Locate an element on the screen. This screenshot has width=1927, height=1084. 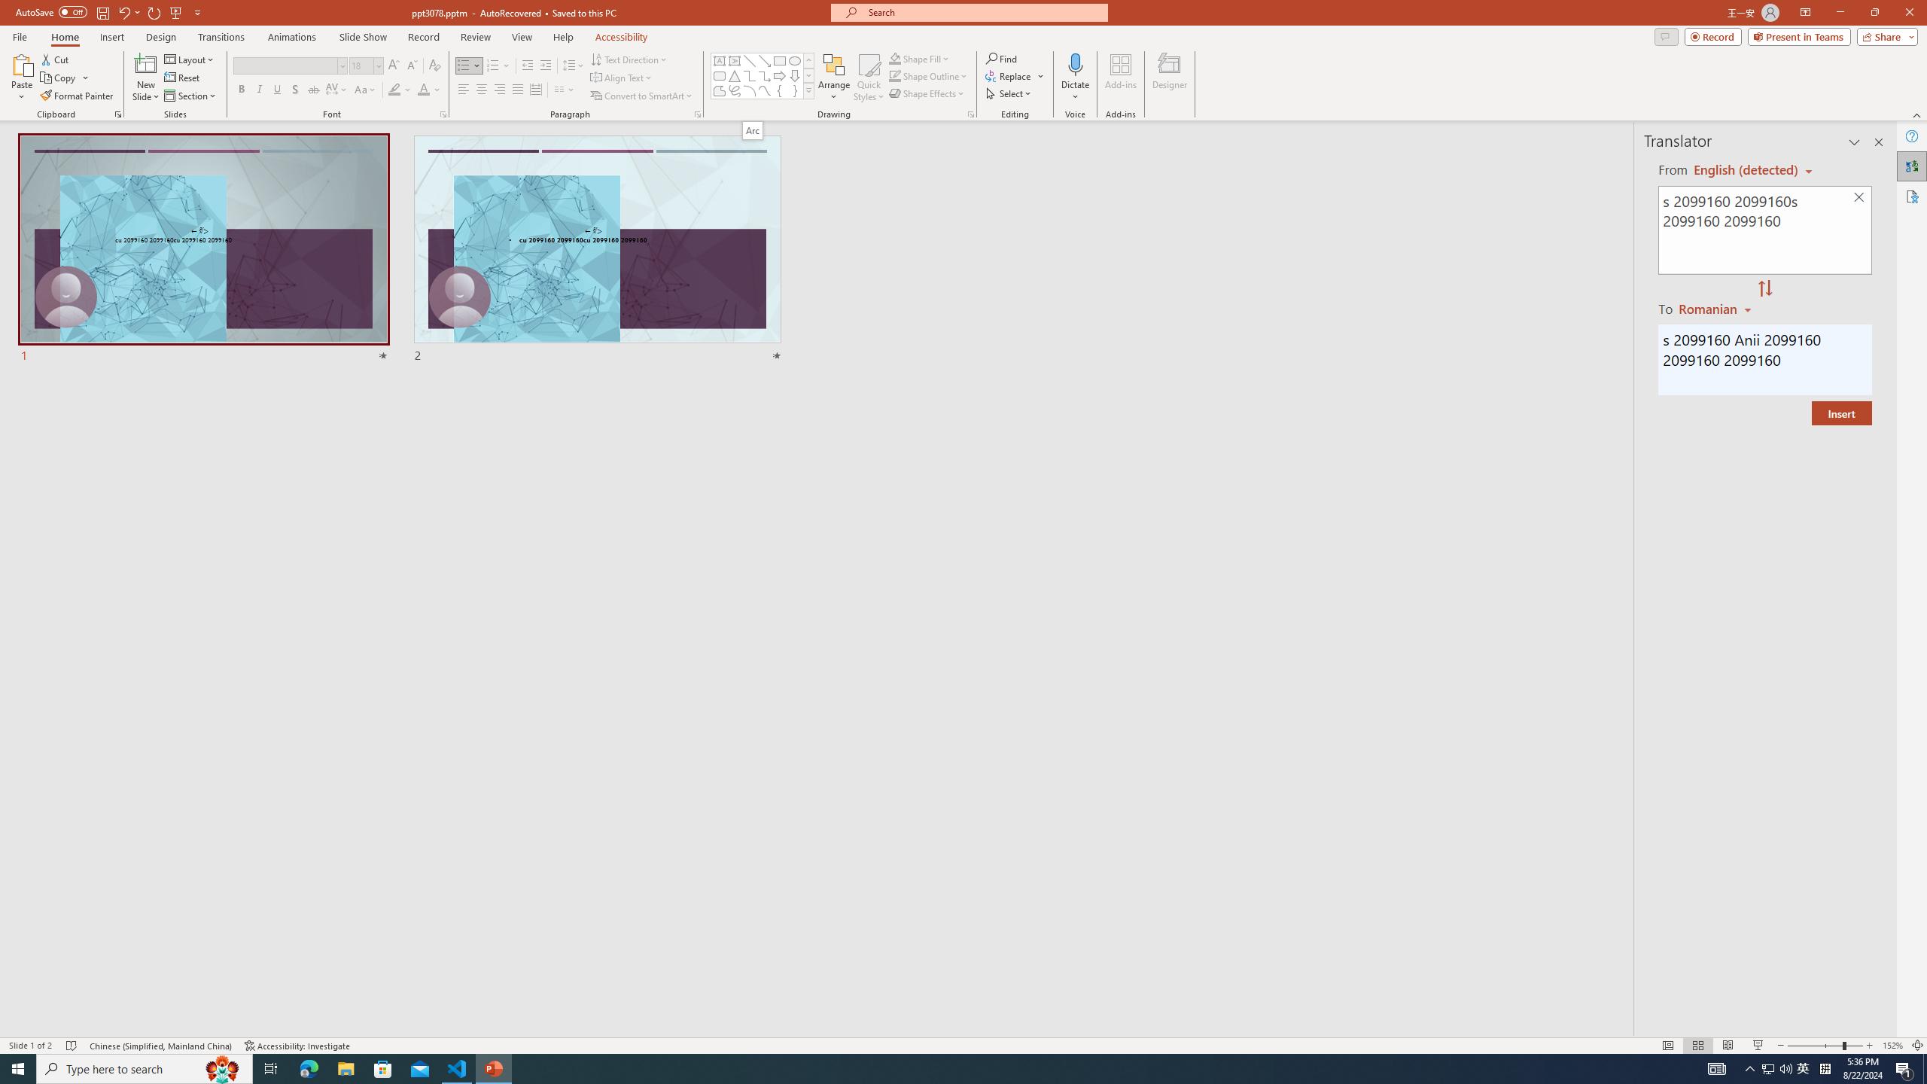
'Vertical Text Box' is located at coordinates (733, 60).